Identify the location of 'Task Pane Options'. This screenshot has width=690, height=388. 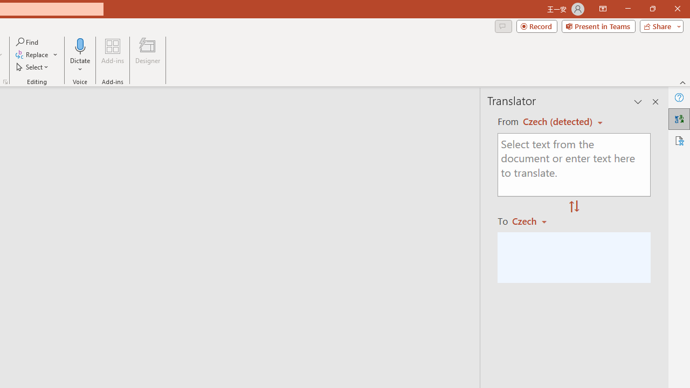
(638, 102).